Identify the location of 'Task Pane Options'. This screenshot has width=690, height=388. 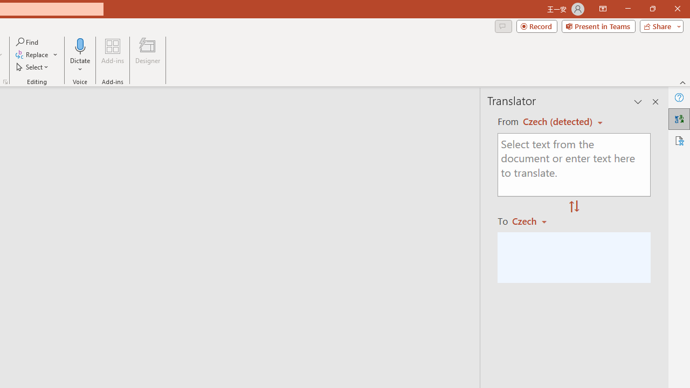
(638, 102).